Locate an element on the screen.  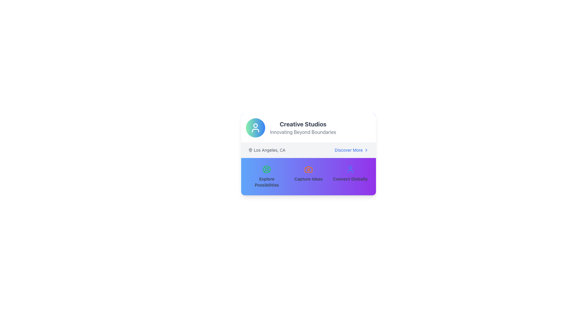
any section of the Grid layout with icons and text labels is located at coordinates (309, 176).